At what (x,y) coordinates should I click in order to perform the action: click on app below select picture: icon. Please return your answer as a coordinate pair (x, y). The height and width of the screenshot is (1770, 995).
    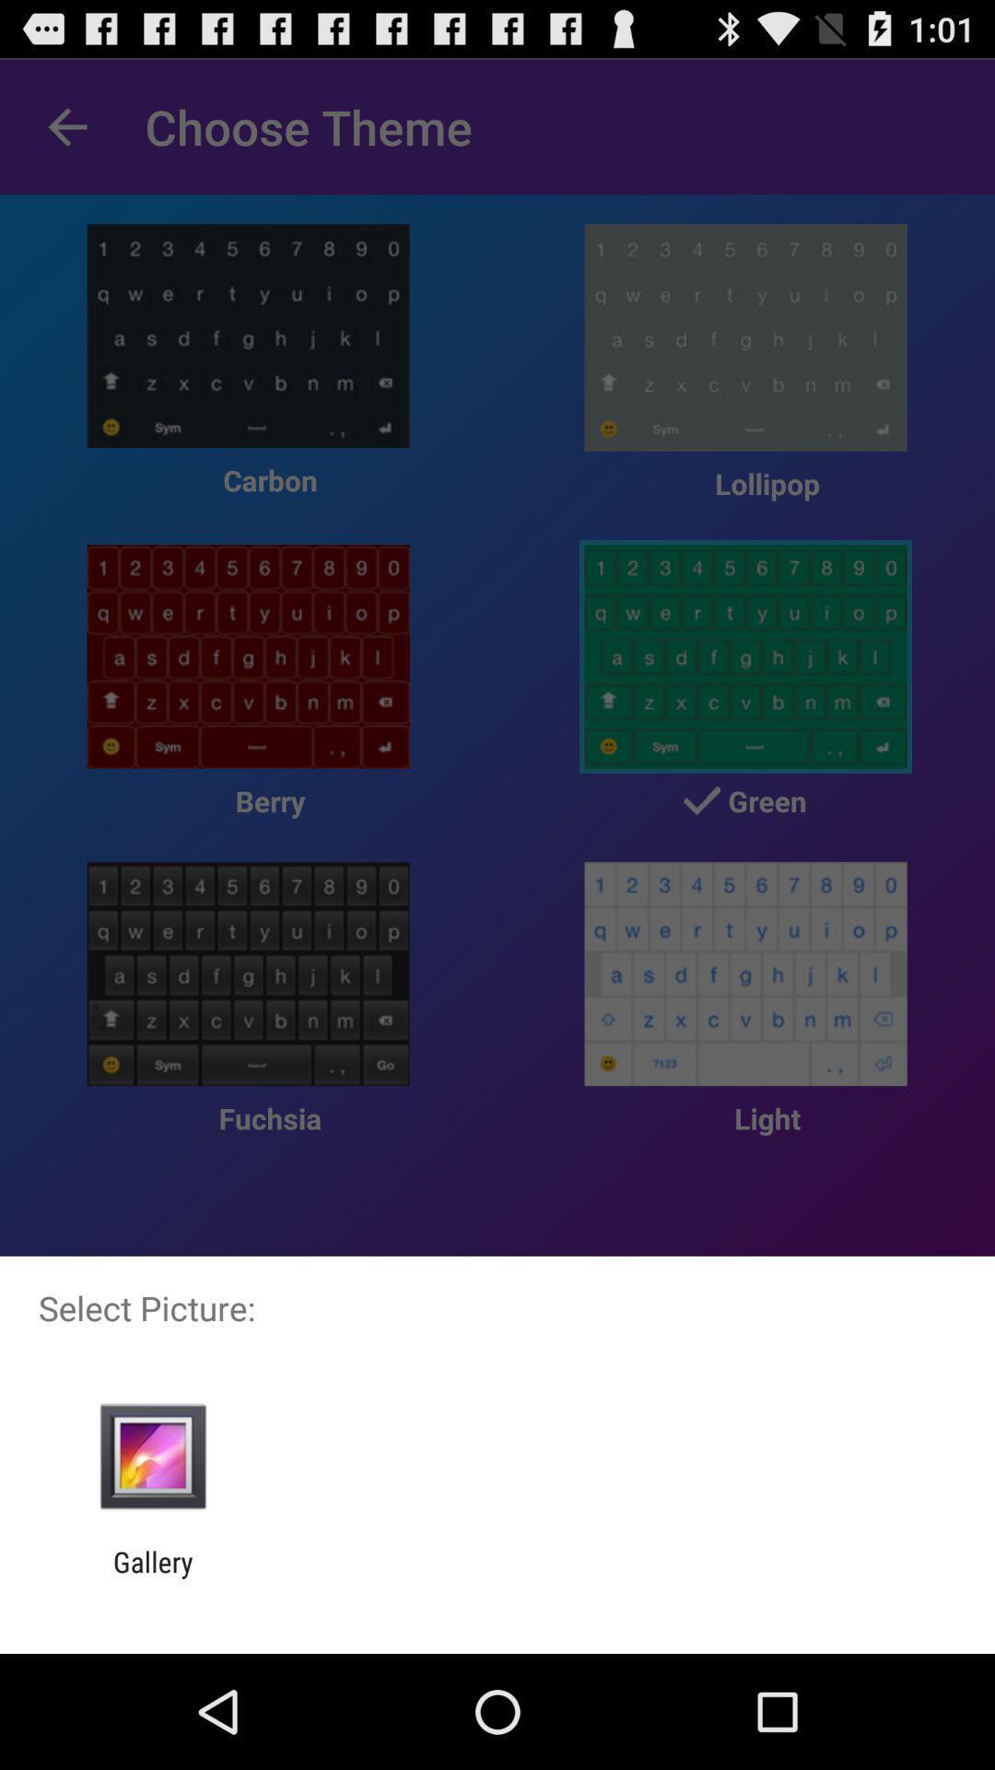
    Looking at the image, I should click on (152, 1456).